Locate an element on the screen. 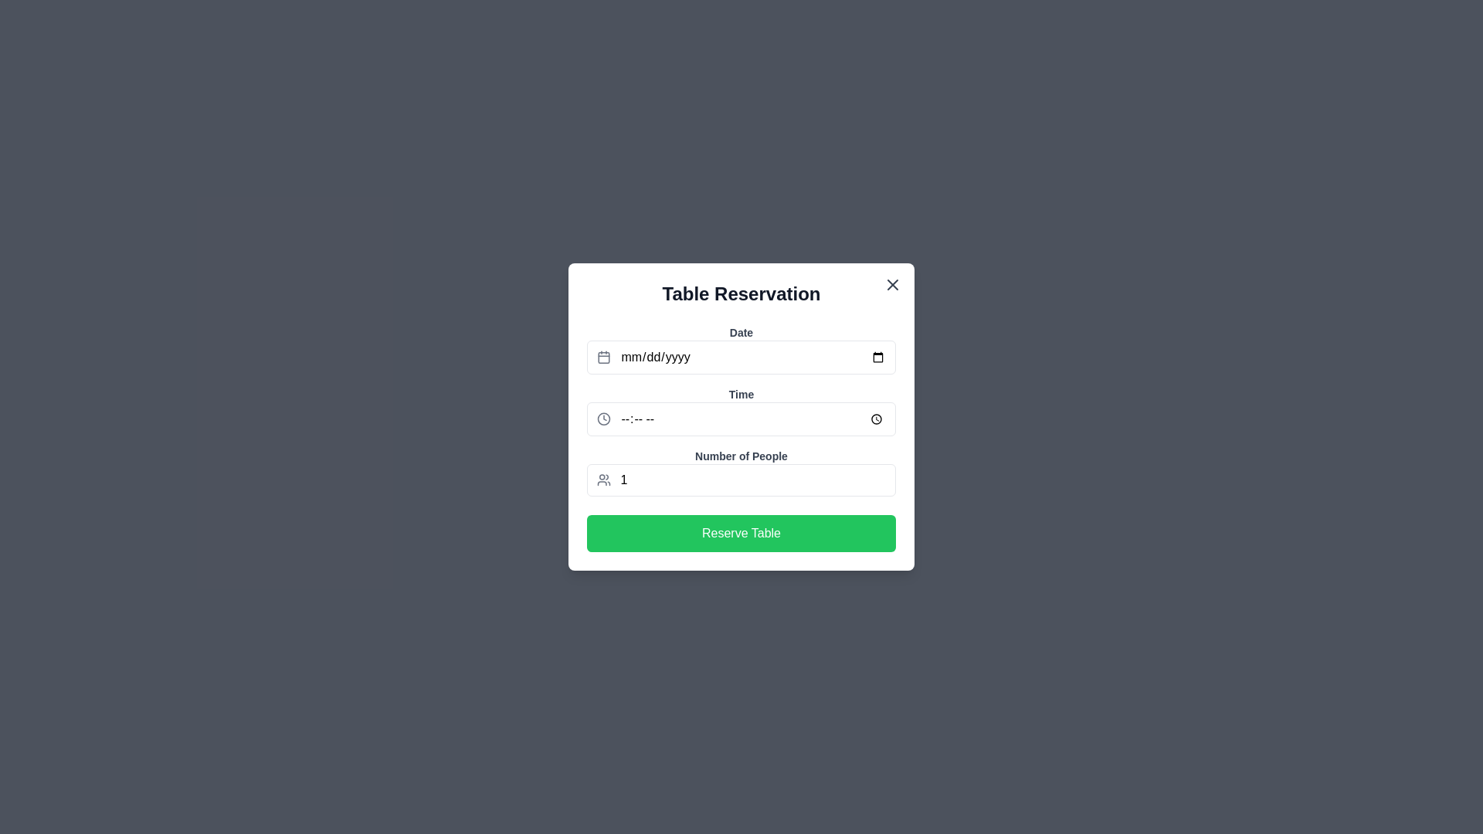 This screenshot has width=1483, height=834. the calendar icon located at the top-left corner of the 'Date' field in the 'Table Reservation' form is located at coordinates (603, 357).